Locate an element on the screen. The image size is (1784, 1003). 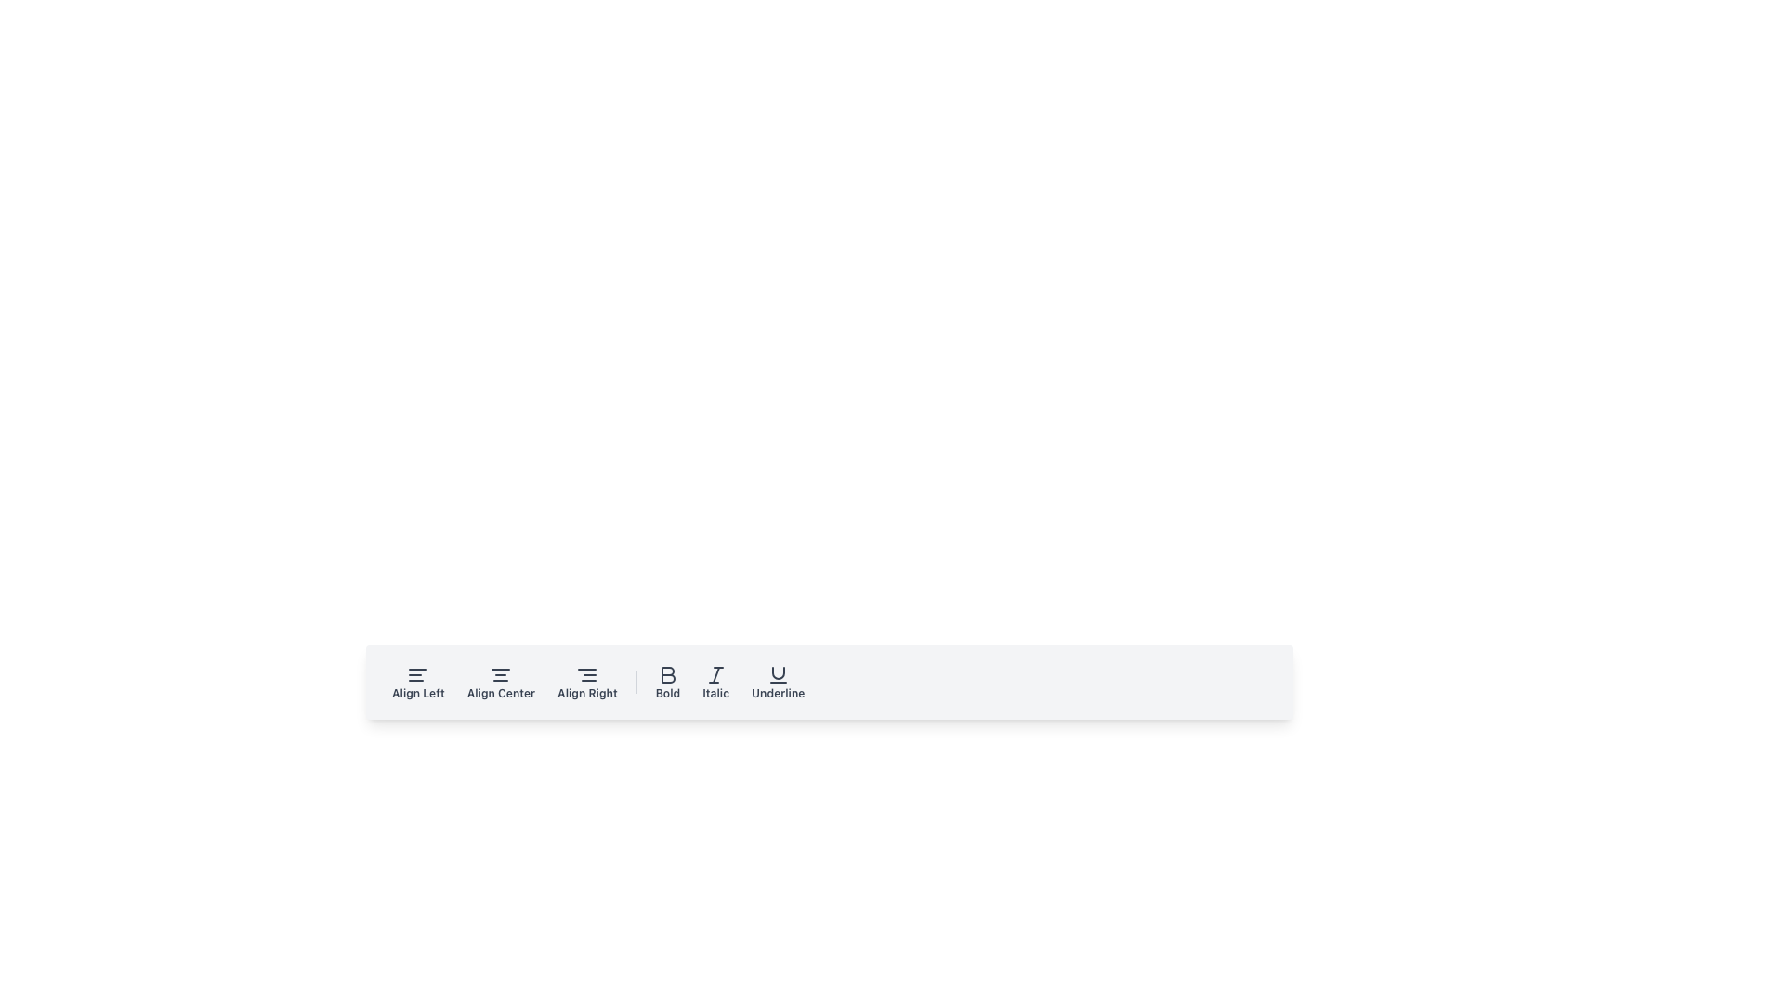
the vertically-oriented button labeled 'Align Center' with a centered icon of three horizontal lines to align the text in the center is located at coordinates (501, 683).